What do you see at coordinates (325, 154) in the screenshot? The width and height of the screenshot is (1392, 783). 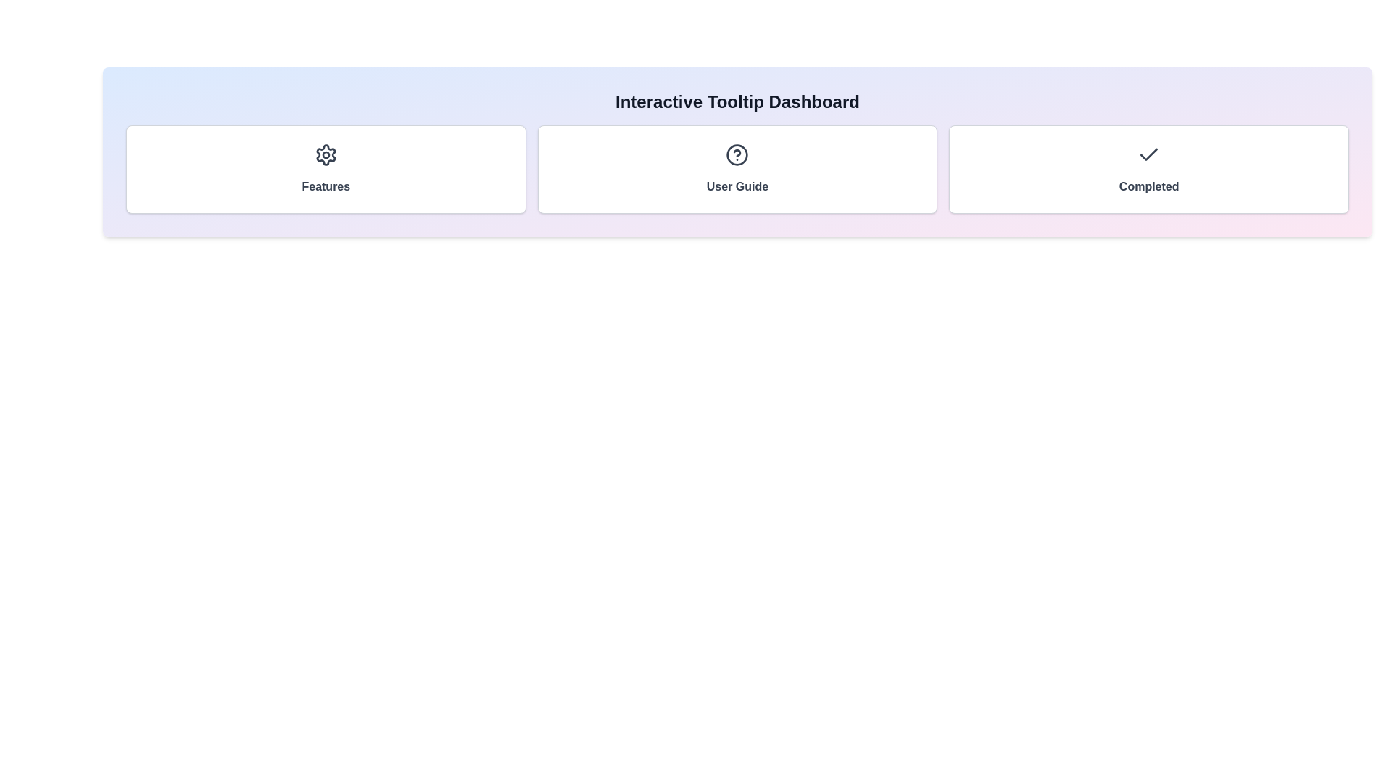 I see `the gear icon representing settings, which is located above the 'Features' label in the first card of three horizontal cards` at bounding box center [325, 154].